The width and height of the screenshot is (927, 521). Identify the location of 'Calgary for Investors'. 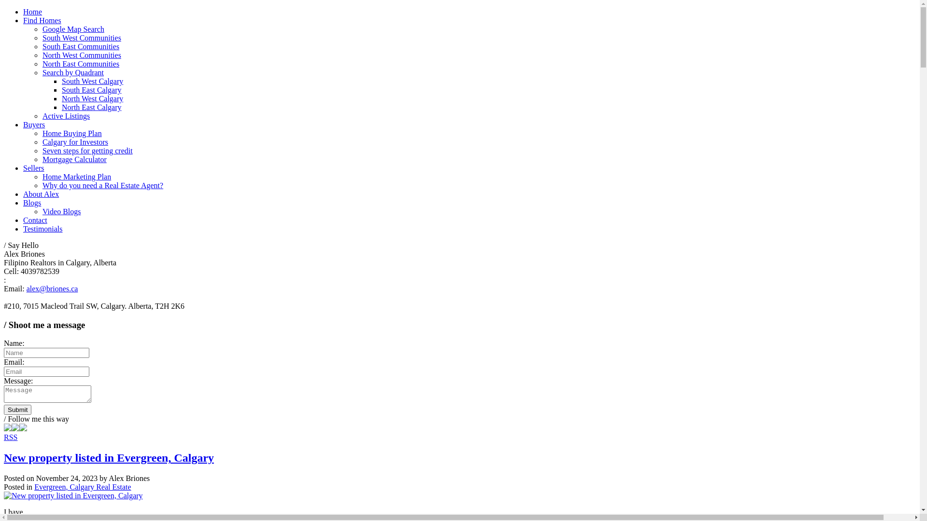
(75, 142).